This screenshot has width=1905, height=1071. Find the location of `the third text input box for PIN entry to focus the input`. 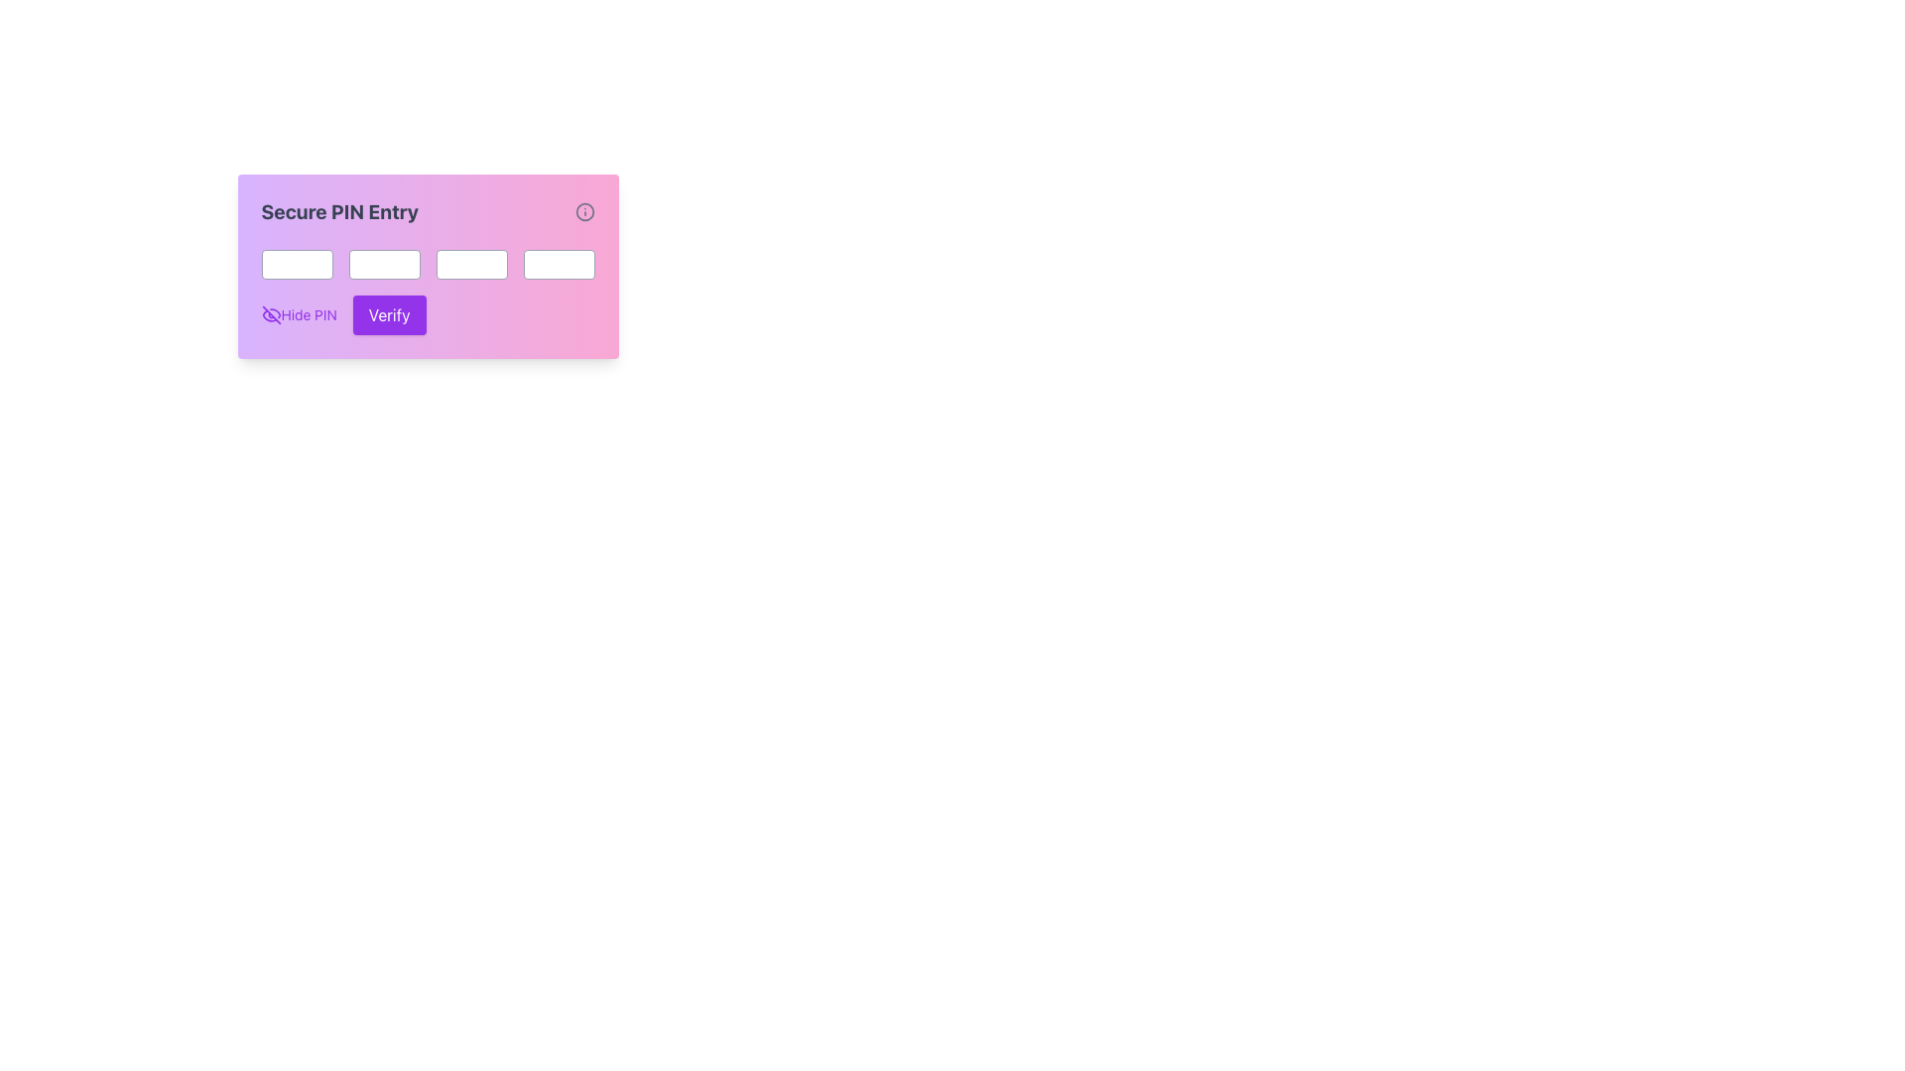

the third text input box for PIN entry to focus the input is located at coordinates (427, 263).